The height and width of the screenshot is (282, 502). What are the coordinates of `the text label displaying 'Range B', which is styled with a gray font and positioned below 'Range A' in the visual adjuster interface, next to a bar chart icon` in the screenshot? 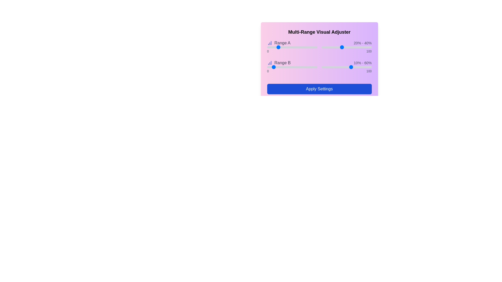 It's located at (282, 62).